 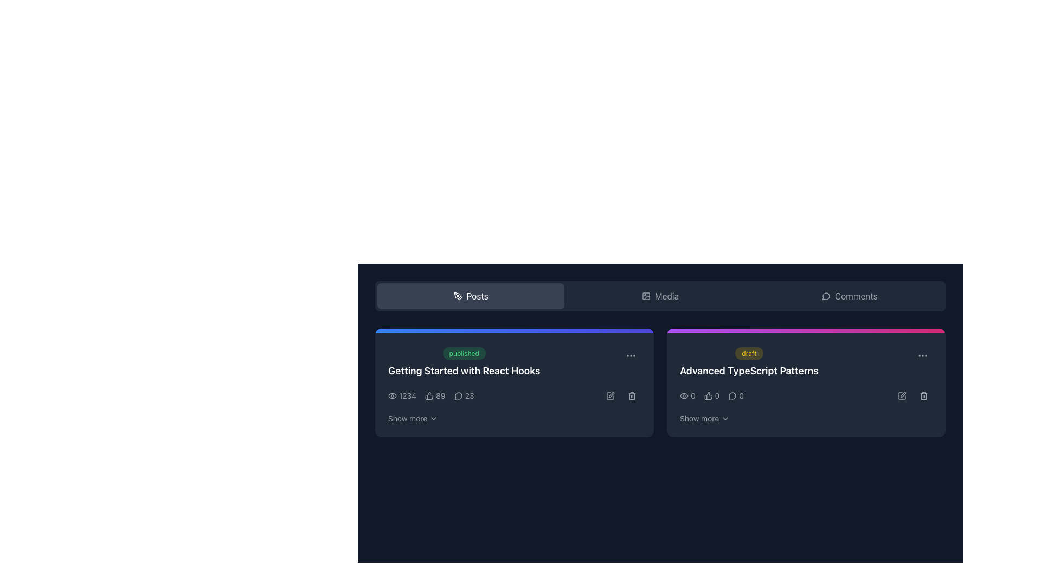 What do you see at coordinates (923, 396) in the screenshot?
I see `the delete button (icon button) located in the bottom right corner of the card titled 'Advanced TypeScript Patterns'` at bounding box center [923, 396].